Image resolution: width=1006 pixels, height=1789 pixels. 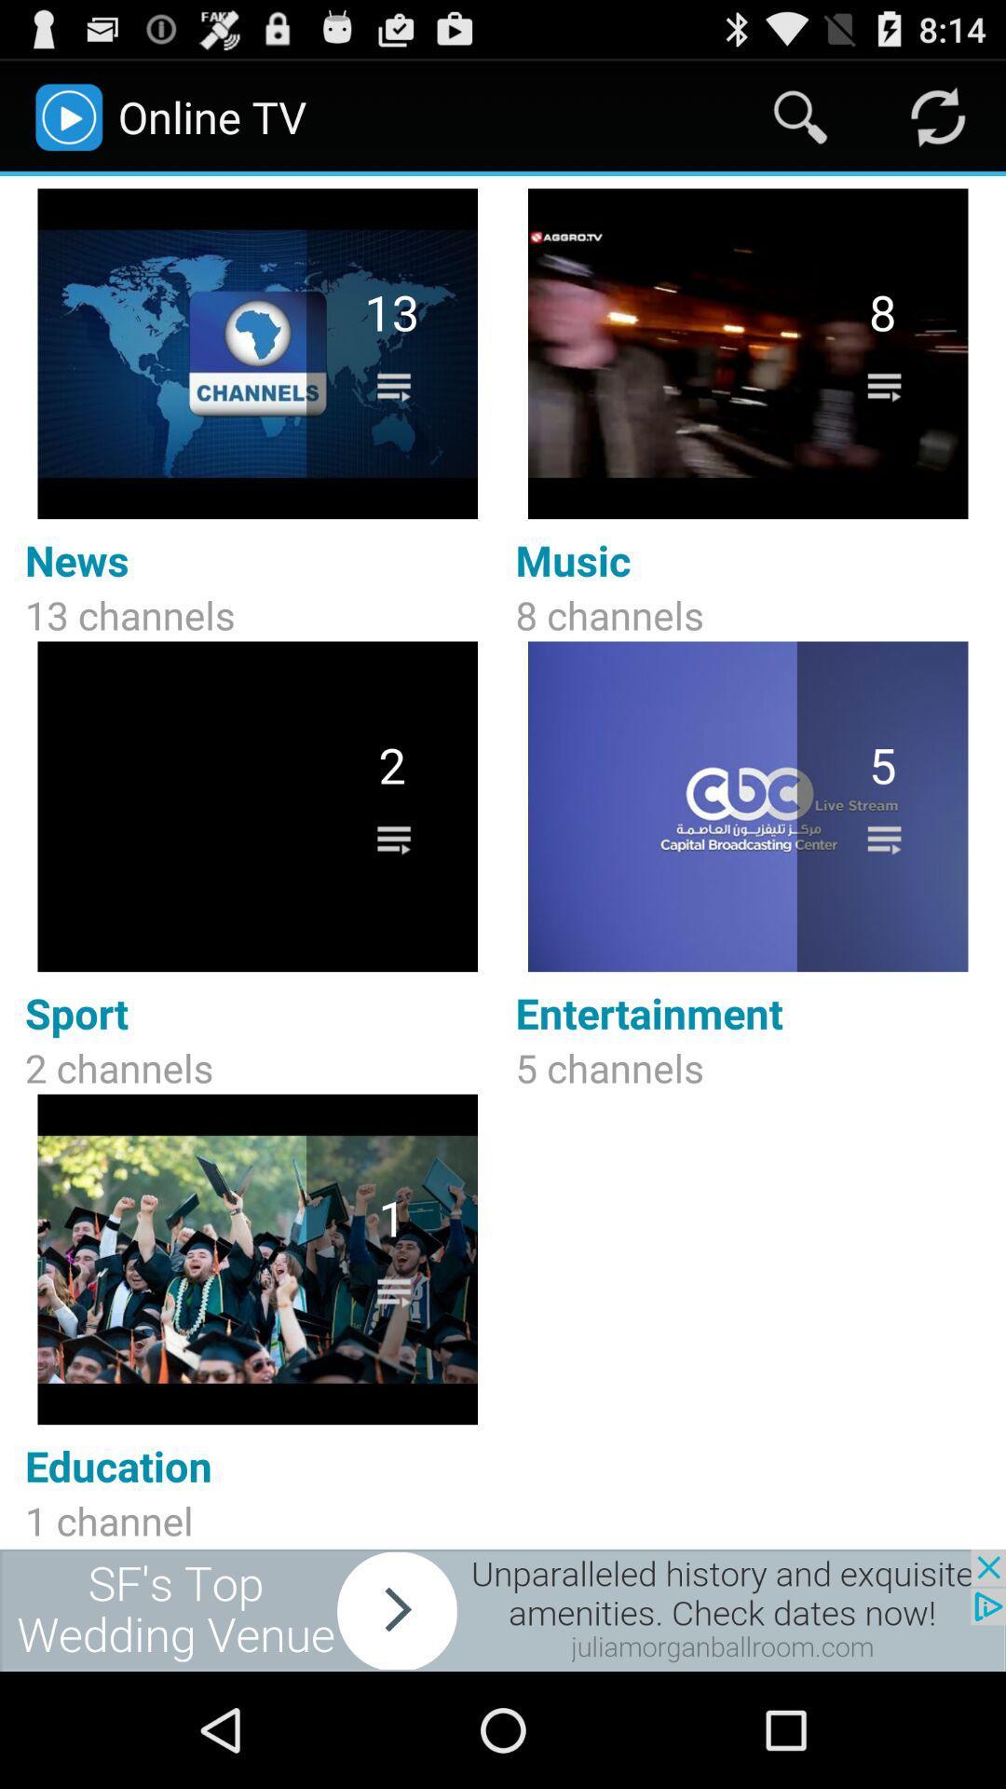 I want to click on refresh option, so click(x=937, y=116).